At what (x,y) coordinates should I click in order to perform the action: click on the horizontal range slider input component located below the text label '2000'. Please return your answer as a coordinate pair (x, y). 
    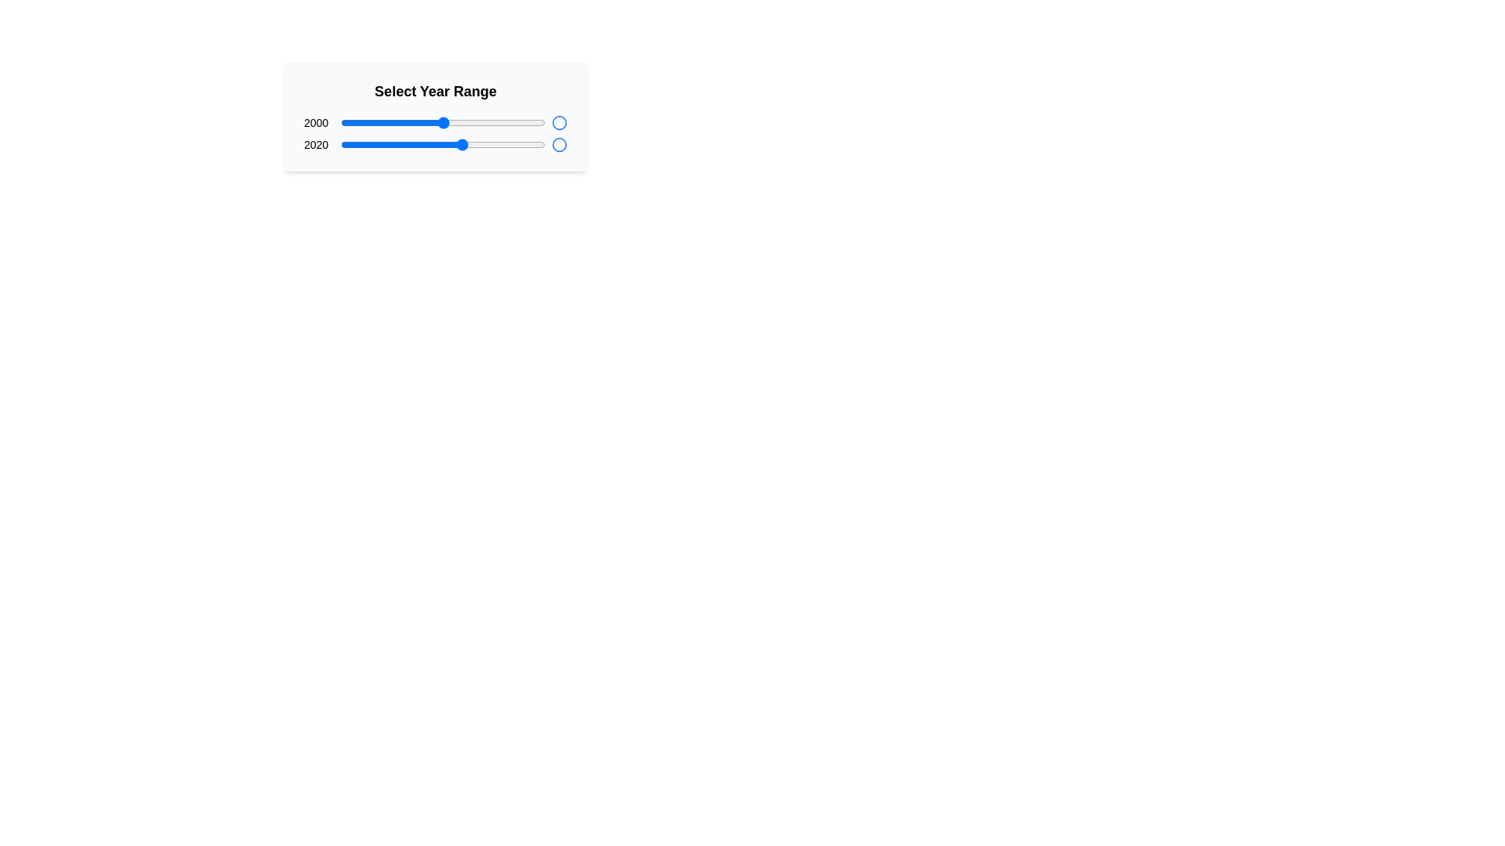
    Looking at the image, I should click on (442, 122).